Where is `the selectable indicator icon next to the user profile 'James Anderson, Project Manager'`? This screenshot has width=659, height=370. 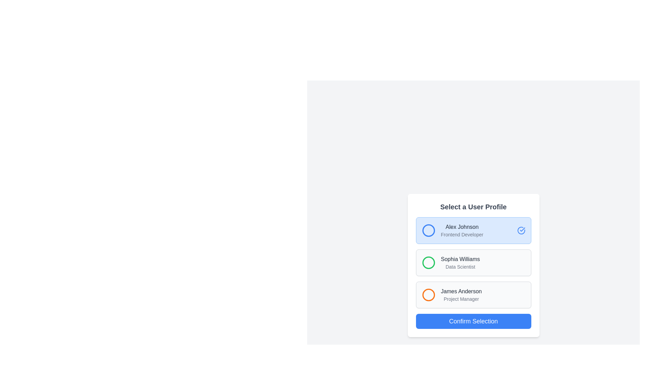
the selectable indicator icon next to the user profile 'James Anderson, Project Manager' is located at coordinates (428, 294).